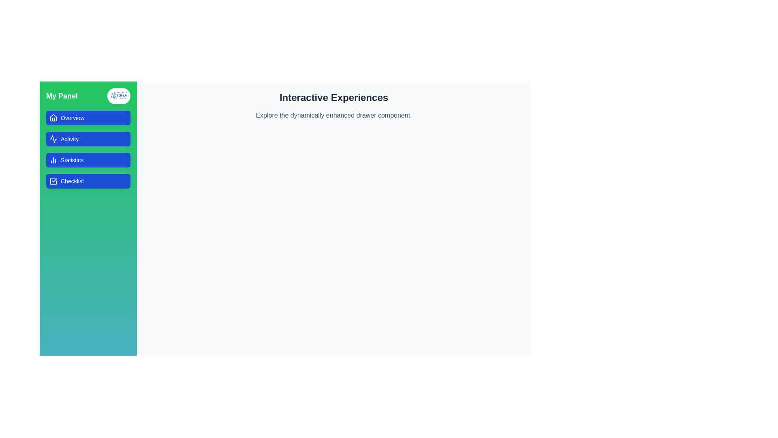 The width and height of the screenshot is (778, 438). Describe the element at coordinates (118, 95) in the screenshot. I see `the circular button with a white background and a blue cross symbol located to the right of 'My Panel' in the green sidebar` at that location.